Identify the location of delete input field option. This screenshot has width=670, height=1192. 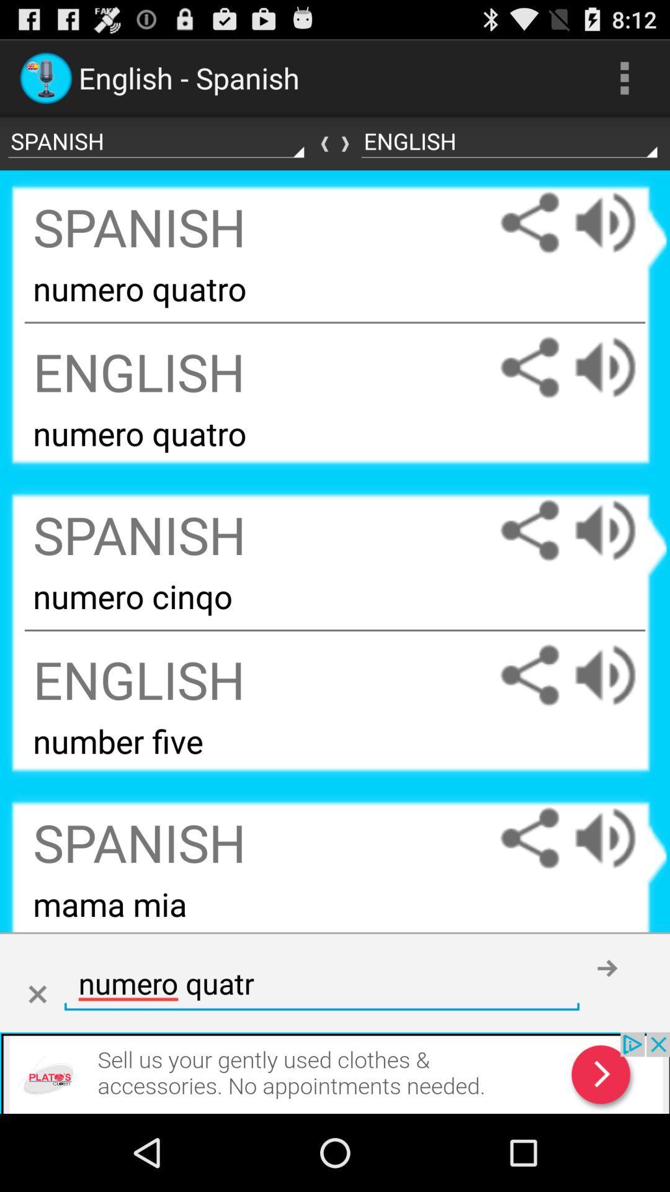
(37, 995).